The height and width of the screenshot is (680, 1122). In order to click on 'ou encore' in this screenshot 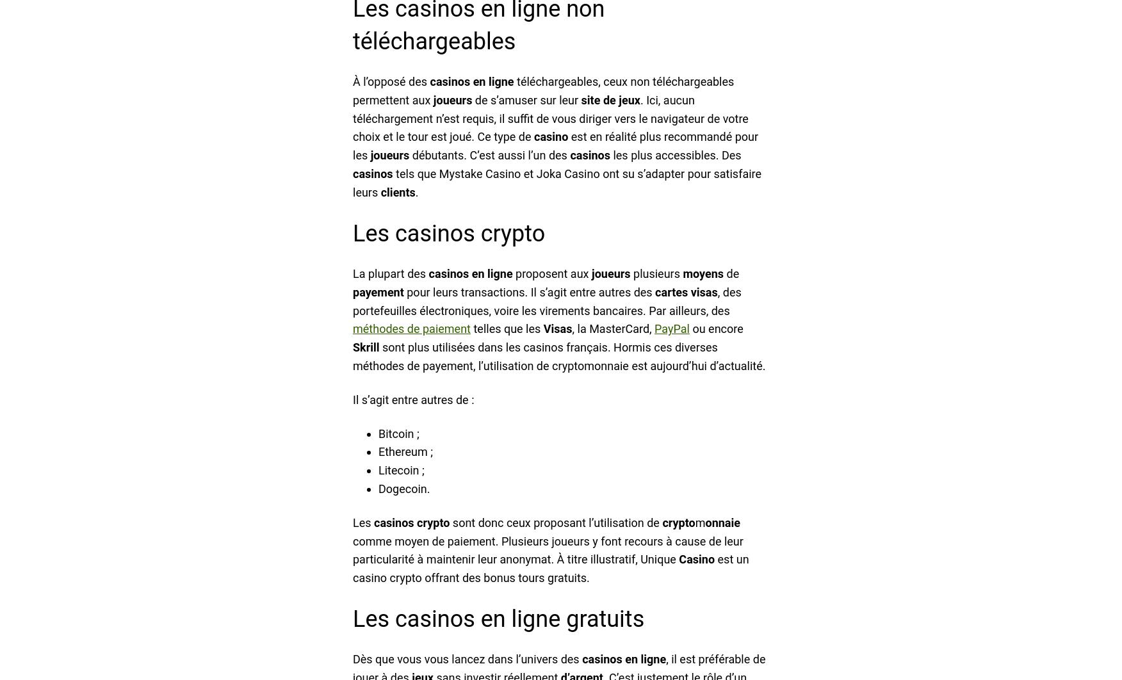, I will do `click(715, 328)`.